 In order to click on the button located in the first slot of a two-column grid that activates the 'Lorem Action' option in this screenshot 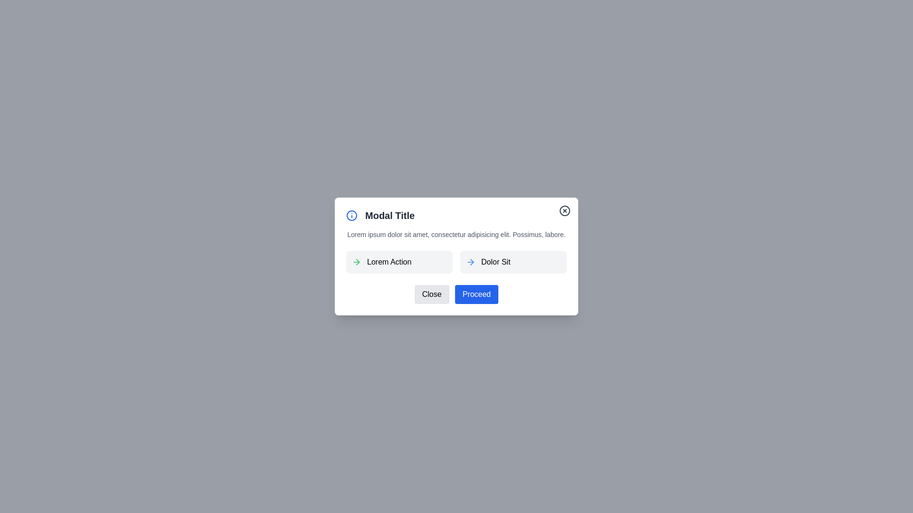, I will do `click(399, 262)`.